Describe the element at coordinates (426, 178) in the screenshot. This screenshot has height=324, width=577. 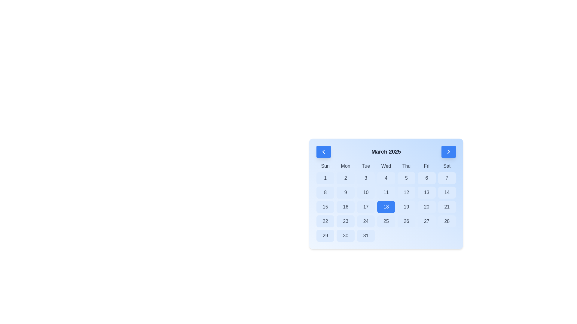
I see `the button representing the sixth day of the month in the date picker interface` at that location.